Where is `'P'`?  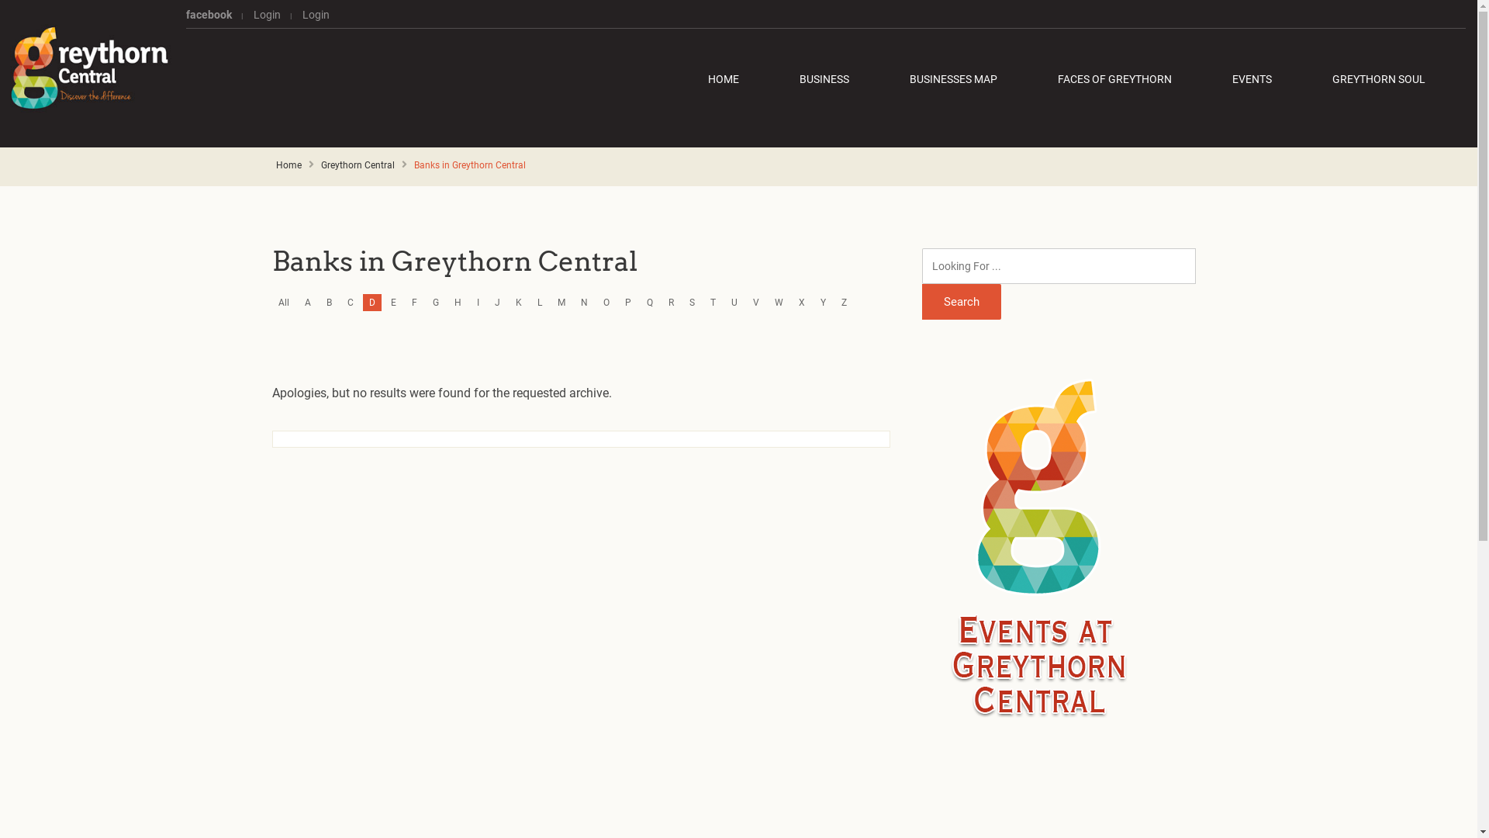 'P' is located at coordinates (628, 302).